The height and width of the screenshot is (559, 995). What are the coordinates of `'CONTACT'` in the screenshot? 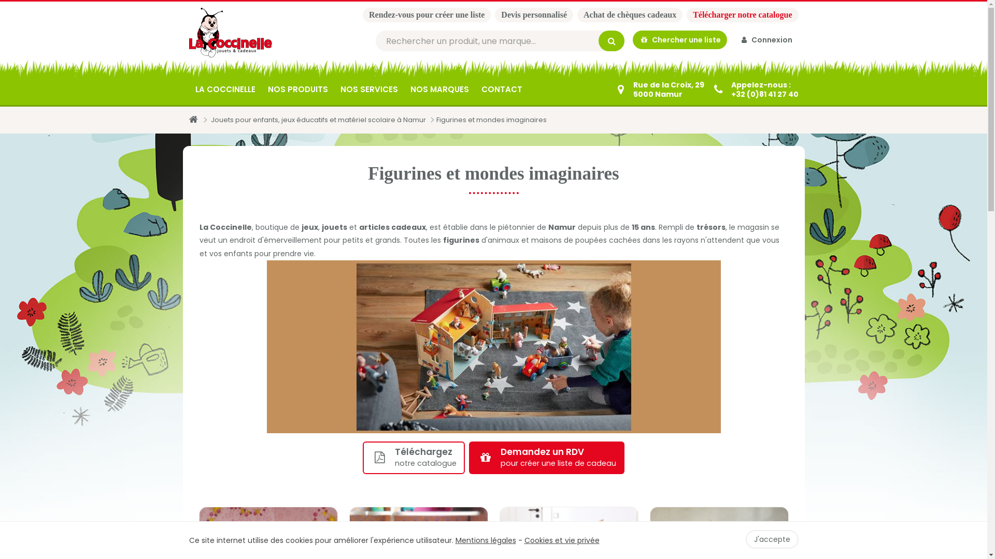 It's located at (501, 89).